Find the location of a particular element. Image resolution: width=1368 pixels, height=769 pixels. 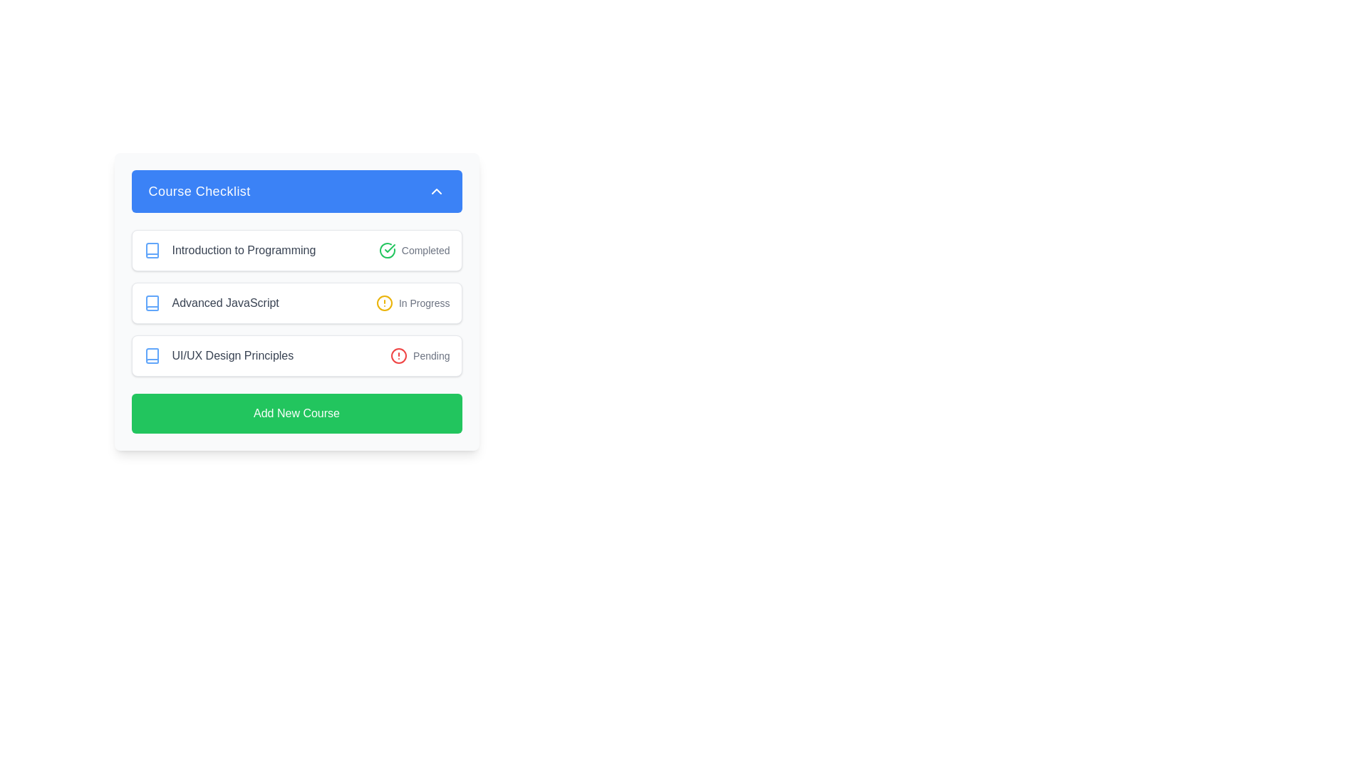

the text label indicating the status of the 'Introduction to Programming' course, which shows that it has been completed, located to the right of a green circular checkmark in the Course Checklist is located at coordinates (425, 249).